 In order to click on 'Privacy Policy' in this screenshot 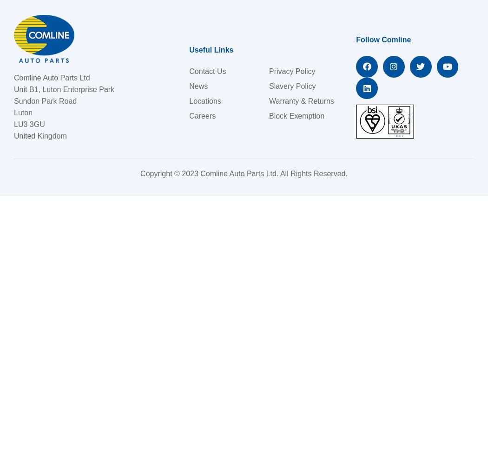, I will do `click(292, 71)`.